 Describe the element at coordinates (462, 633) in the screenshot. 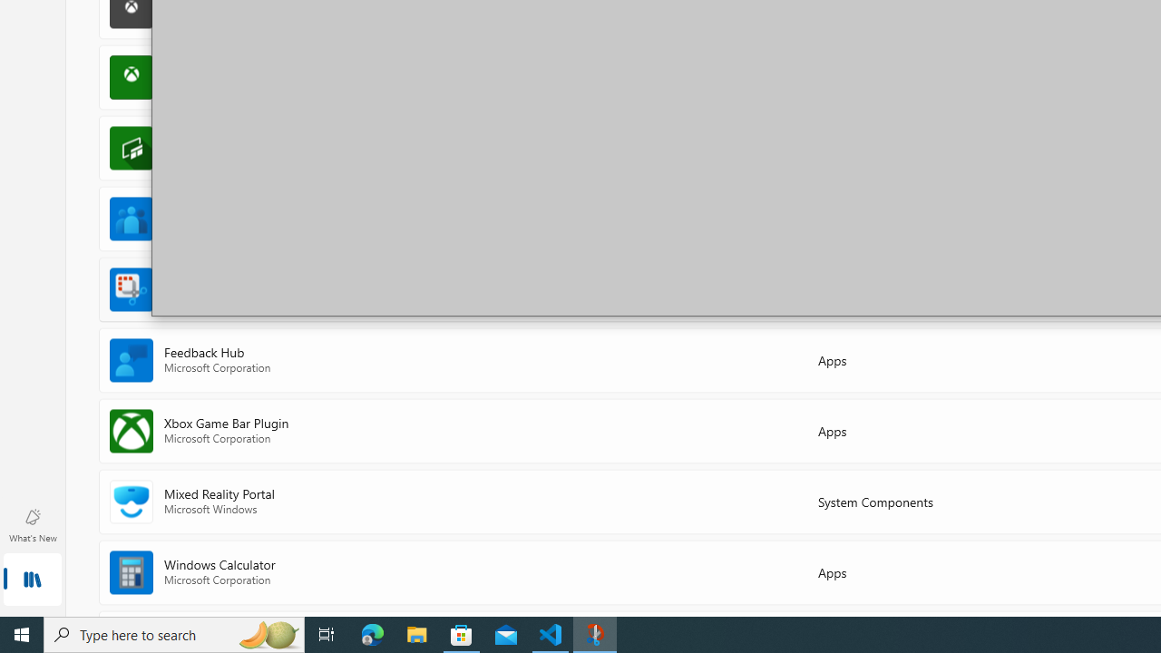

I see `'Microsoft Store - 1 running window'` at that location.